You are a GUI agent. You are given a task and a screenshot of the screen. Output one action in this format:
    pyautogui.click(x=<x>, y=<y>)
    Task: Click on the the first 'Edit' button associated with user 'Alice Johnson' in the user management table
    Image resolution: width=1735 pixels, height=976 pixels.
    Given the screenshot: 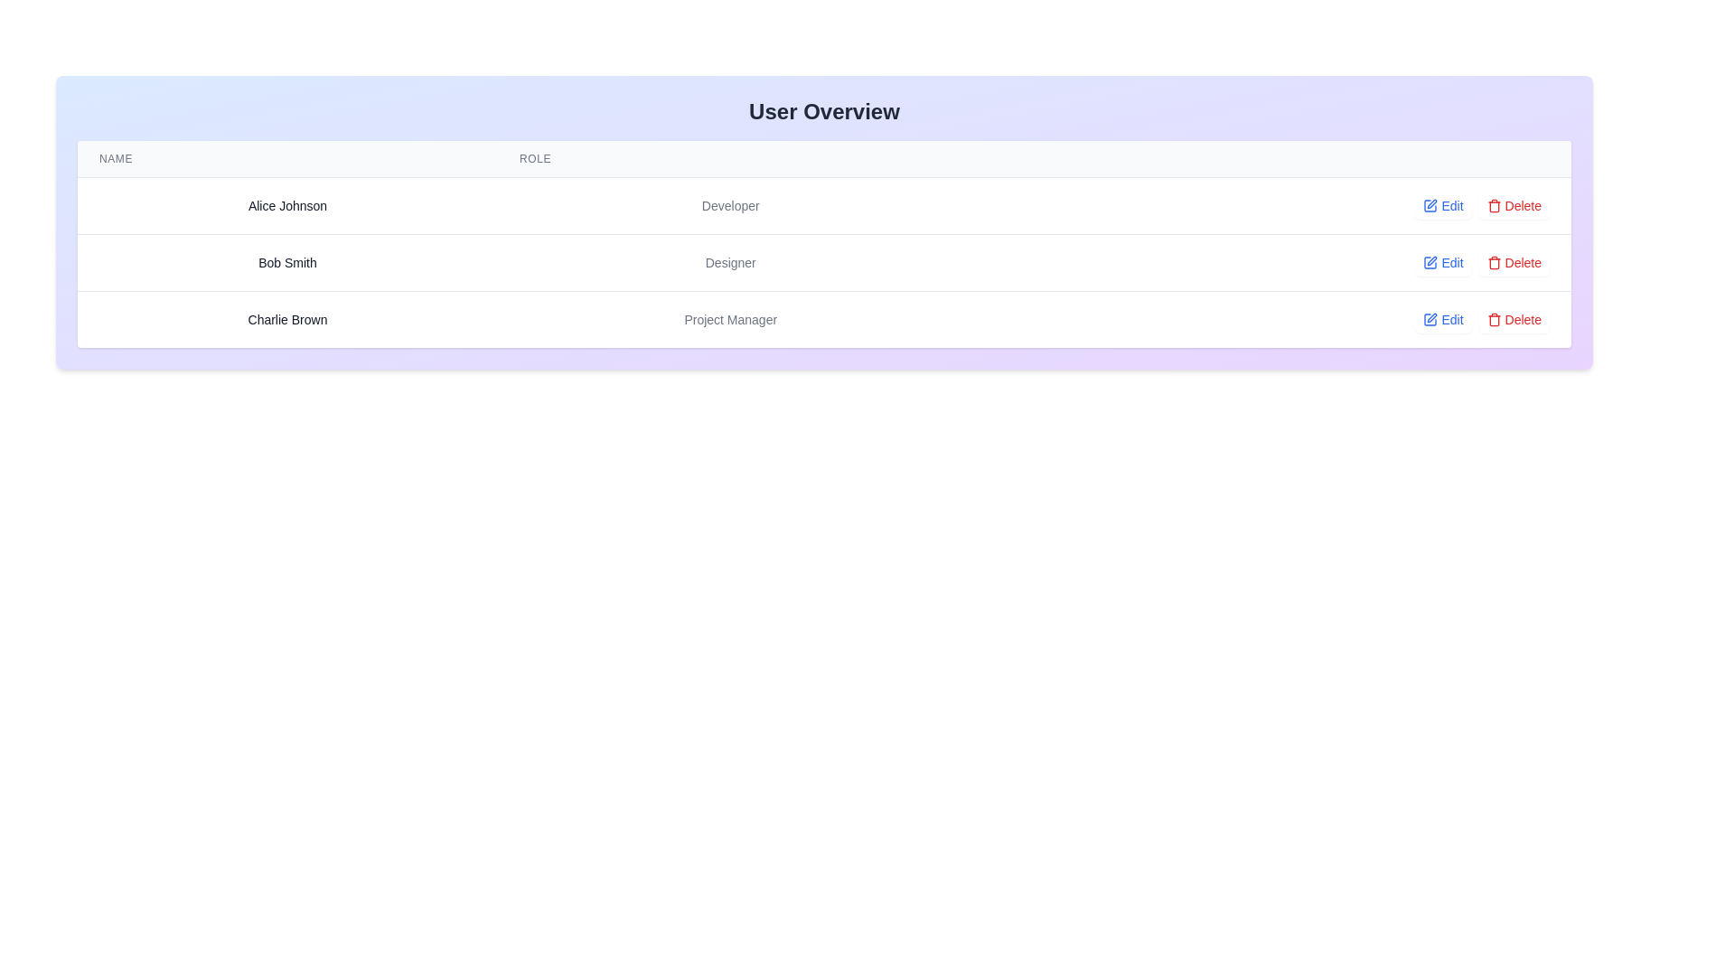 What is the action you would take?
    pyautogui.click(x=1442, y=204)
    